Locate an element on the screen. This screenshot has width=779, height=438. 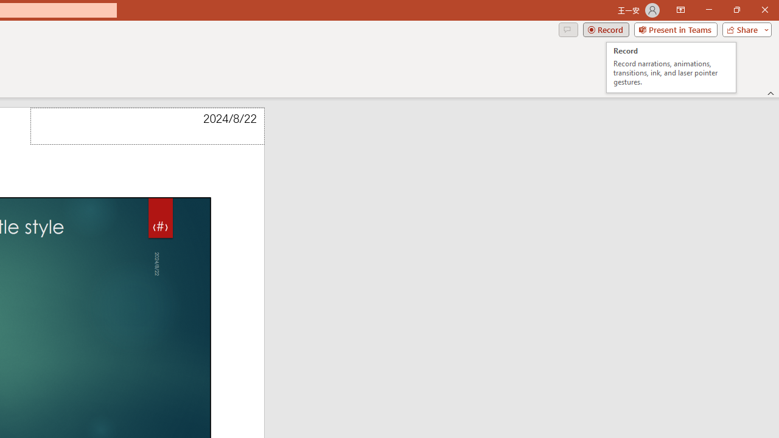
'Date' is located at coordinates (147, 126).